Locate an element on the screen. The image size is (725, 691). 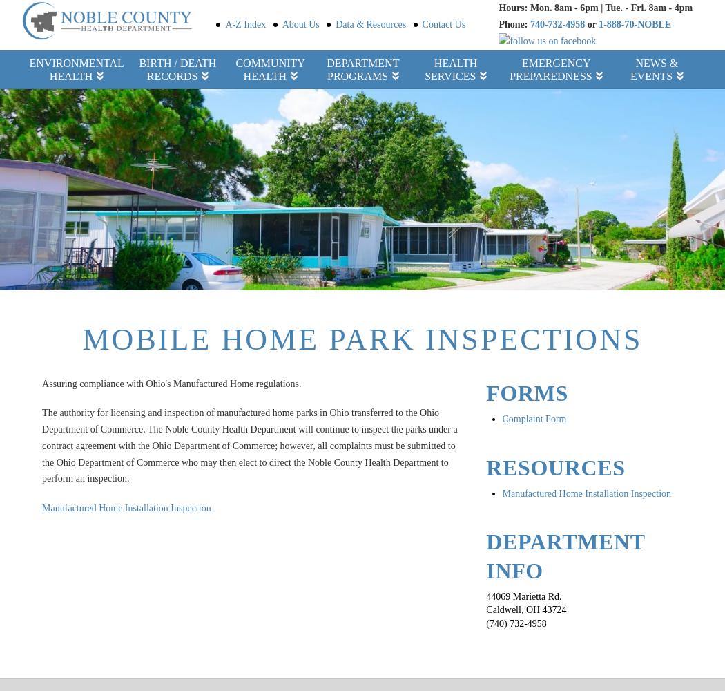
'(740) 732-4958' is located at coordinates (515, 623).